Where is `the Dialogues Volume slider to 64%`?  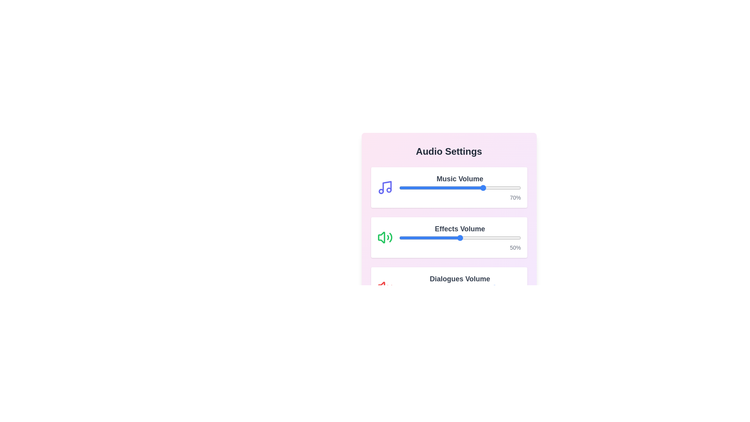 the Dialogues Volume slider to 64% is located at coordinates (477, 288).